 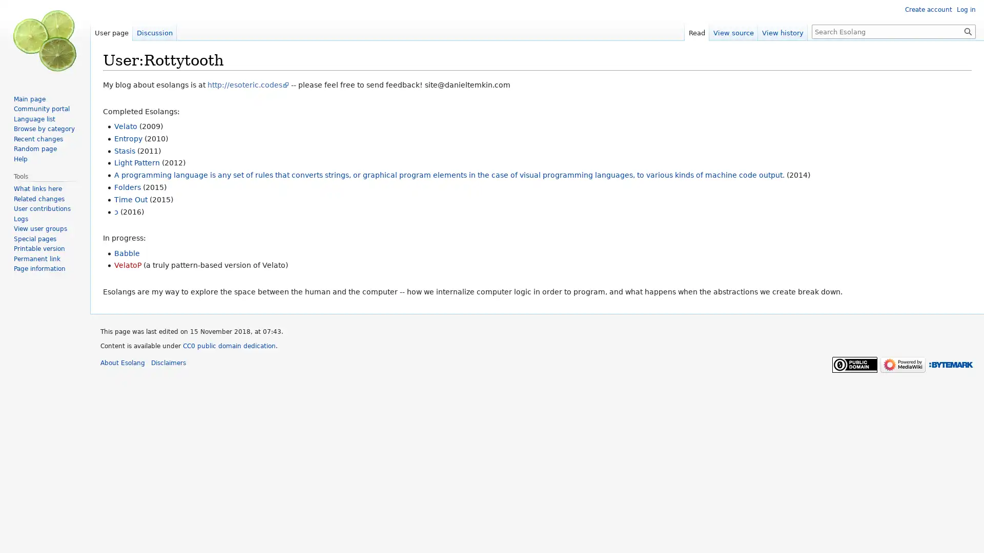 I want to click on Go, so click(x=968, y=31).